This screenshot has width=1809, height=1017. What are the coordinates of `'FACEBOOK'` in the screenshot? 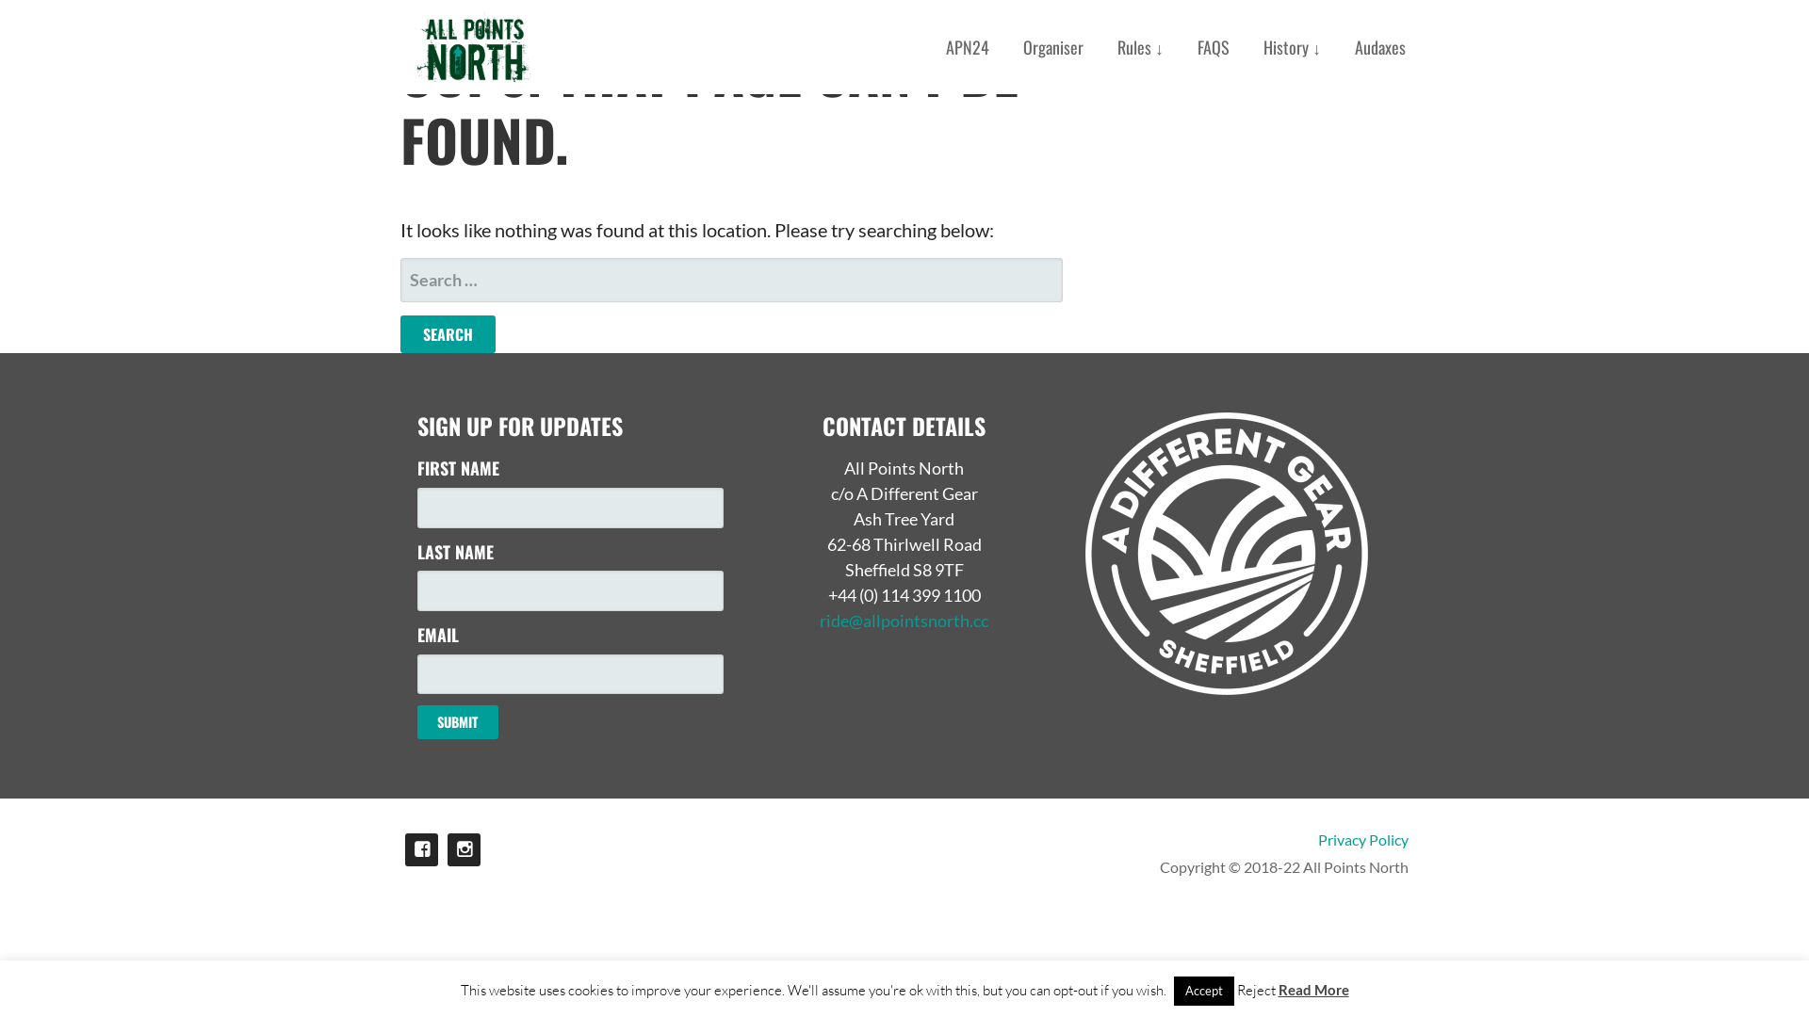 It's located at (420, 849).